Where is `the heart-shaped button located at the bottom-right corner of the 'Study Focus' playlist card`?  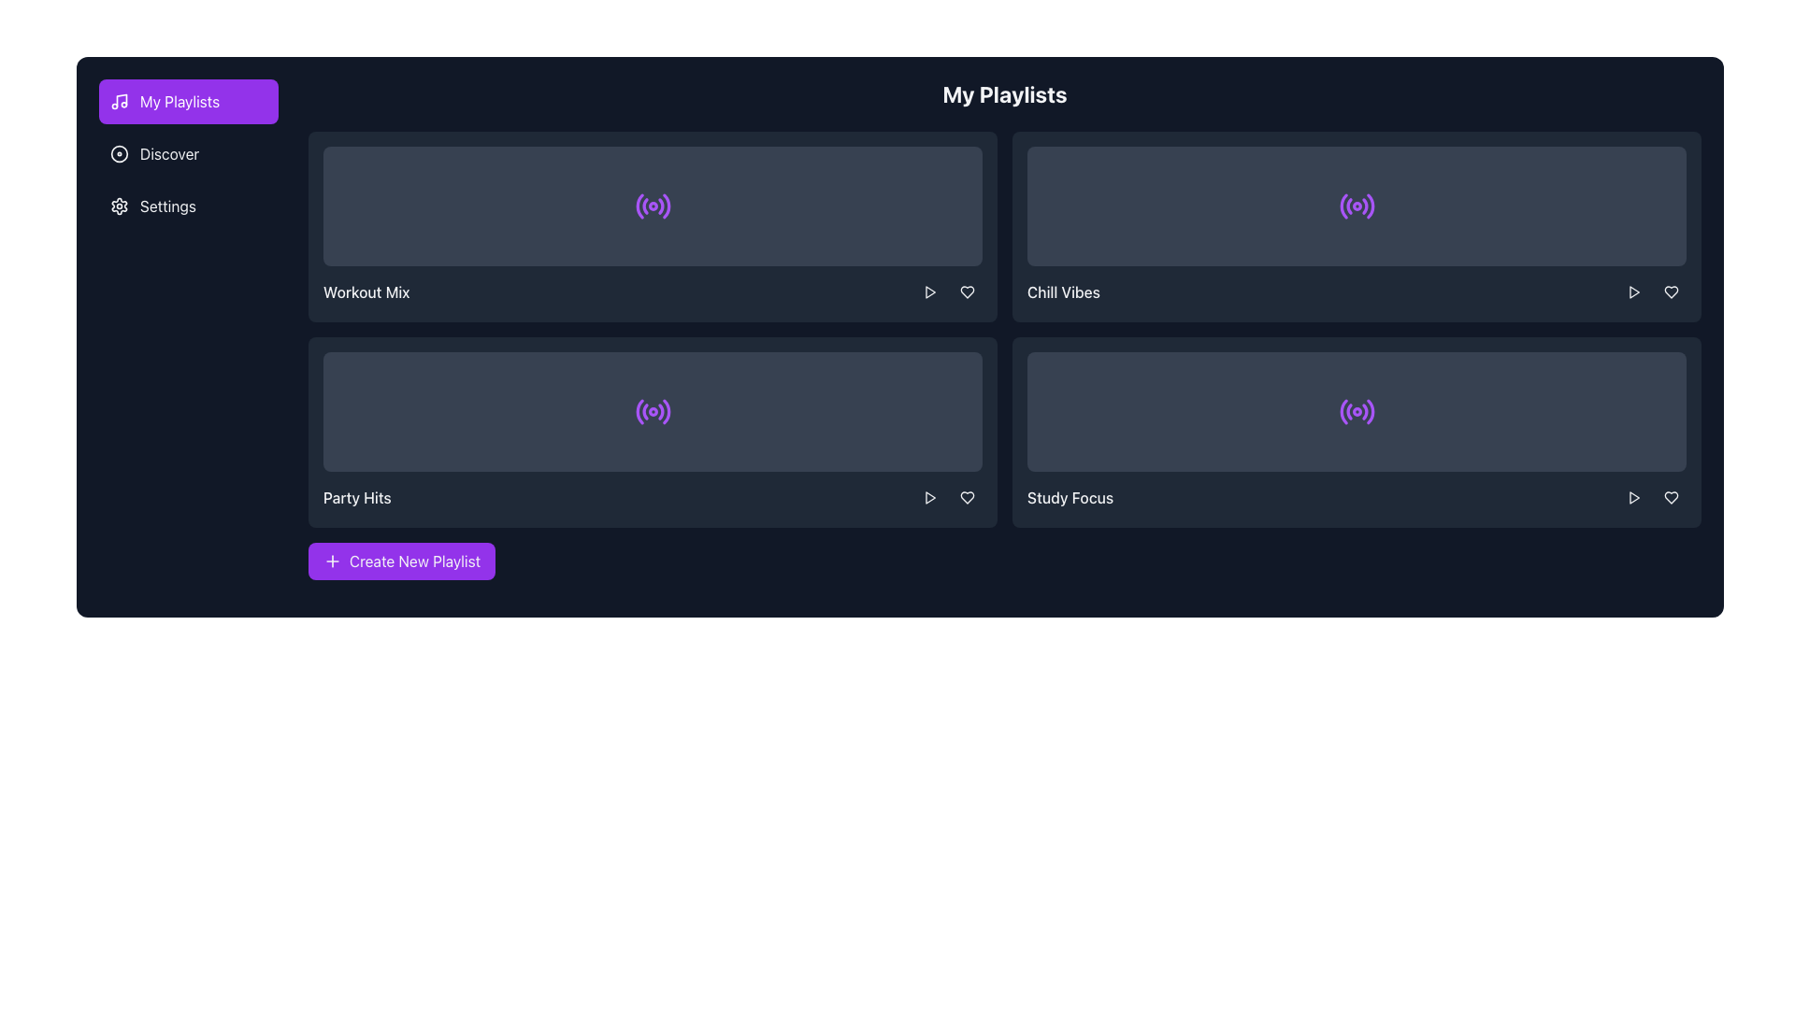 the heart-shaped button located at the bottom-right corner of the 'Study Focus' playlist card is located at coordinates (1672, 496).